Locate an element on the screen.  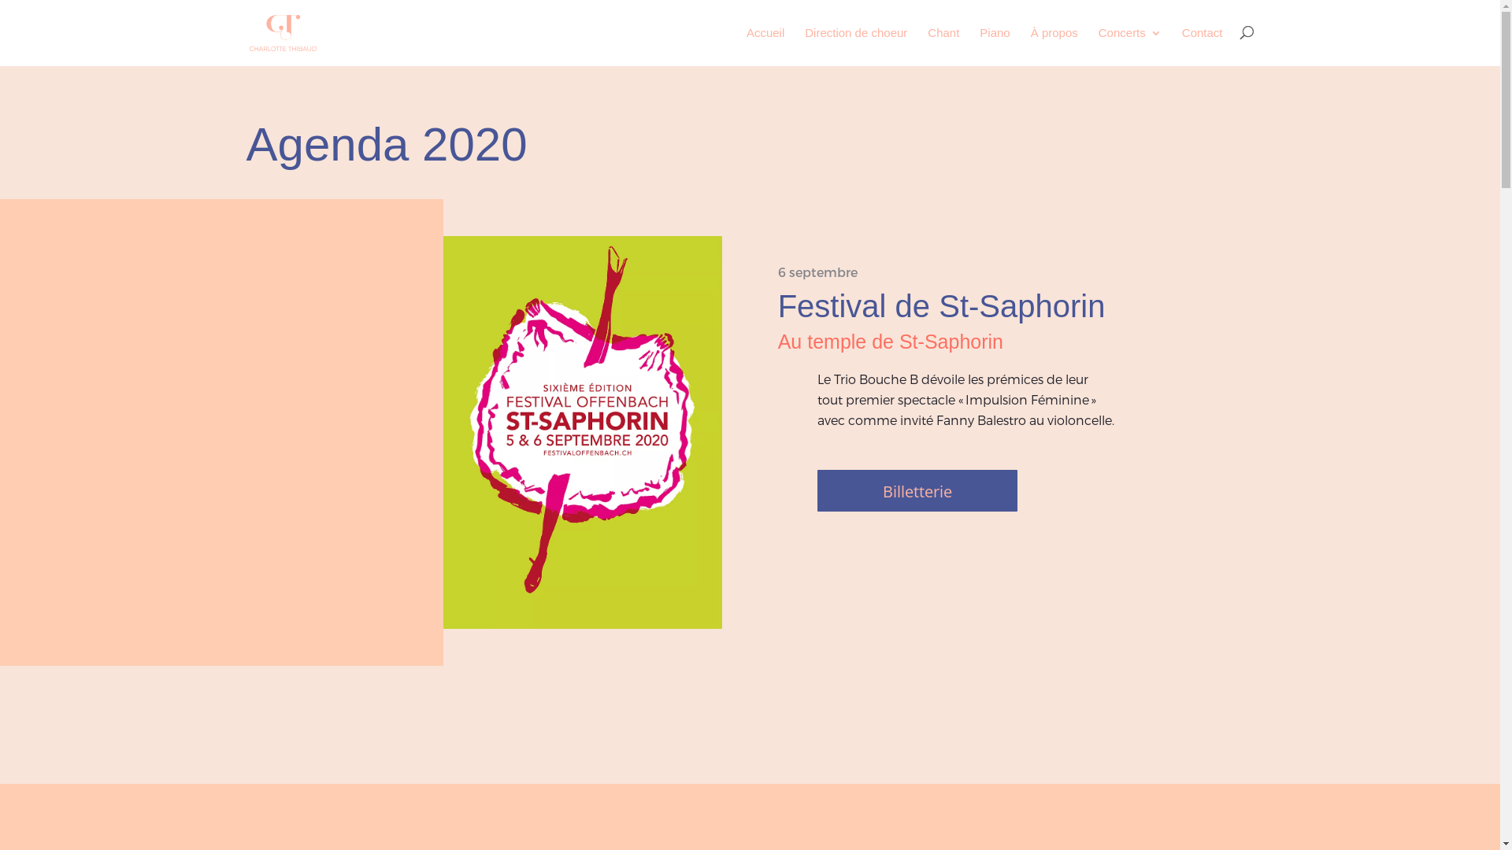
'Direction de choeur' is located at coordinates (854, 45).